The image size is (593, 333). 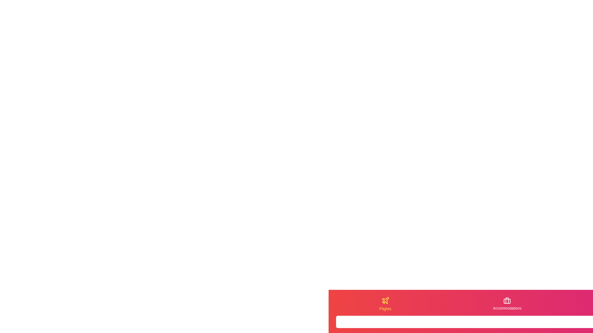 I want to click on the tab labeled 'Flights' to observe the hover effect, so click(x=385, y=304).